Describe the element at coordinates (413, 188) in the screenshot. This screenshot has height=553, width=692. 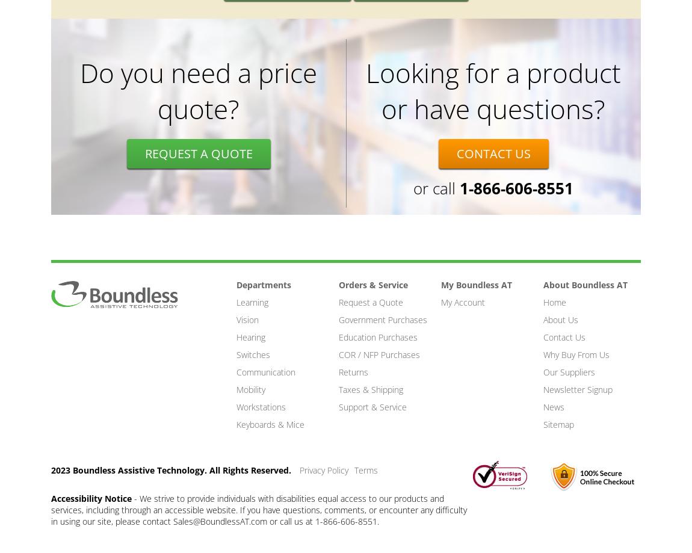
I see `'or call'` at that location.